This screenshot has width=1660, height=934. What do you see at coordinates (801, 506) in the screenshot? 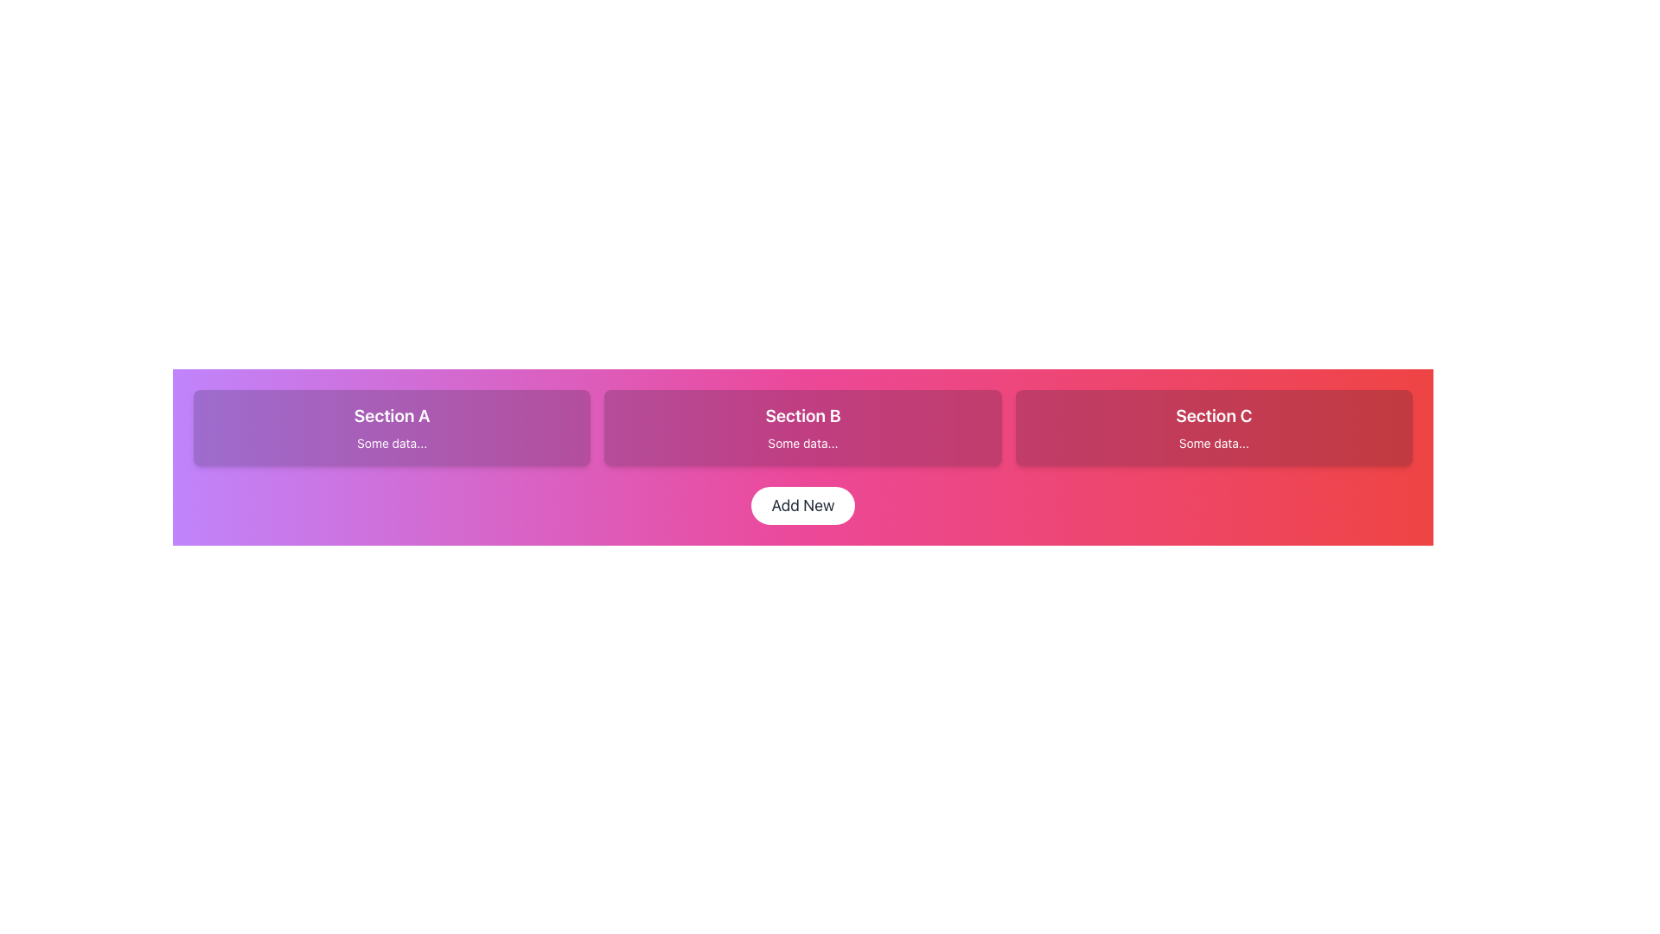
I see `the button at the bottom of the layout that initiates the action of adding a new item or entity` at bounding box center [801, 506].